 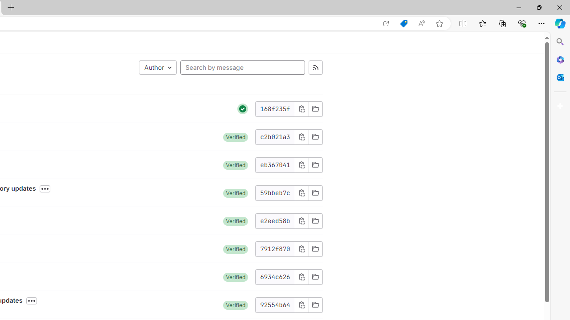 I want to click on 'Class: s16 gl-icon gl-button-icon ', so click(x=301, y=304).